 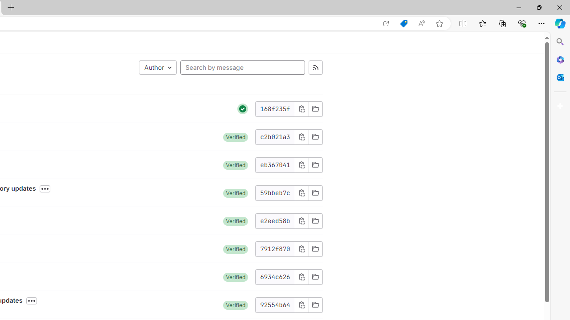 I want to click on 'Class: s16 gl-icon gl-button-icon ', so click(x=301, y=304).